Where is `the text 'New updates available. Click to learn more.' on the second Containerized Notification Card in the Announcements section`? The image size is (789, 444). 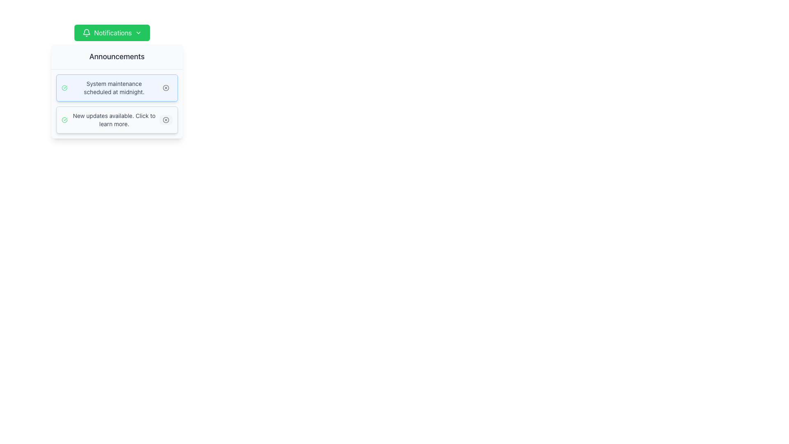
the text 'New updates available. Click to learn more.' on the second Containerized Notification Card in the Announcements section is located at coordinates (116, 120).